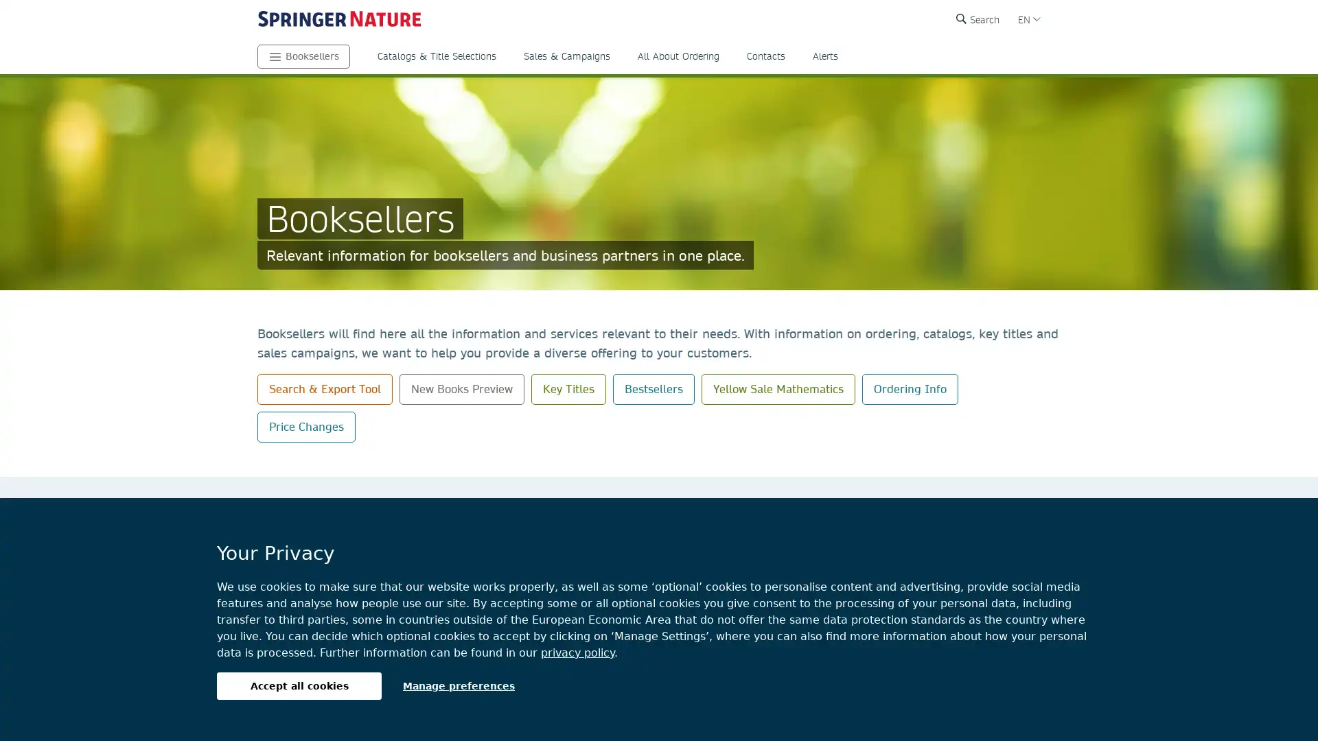 This screenshot has height=741, width=1318. What do you see at coordinates (459, 685) in the screenshot?
I see `Manage preferences` at bounding box center [459, 685].